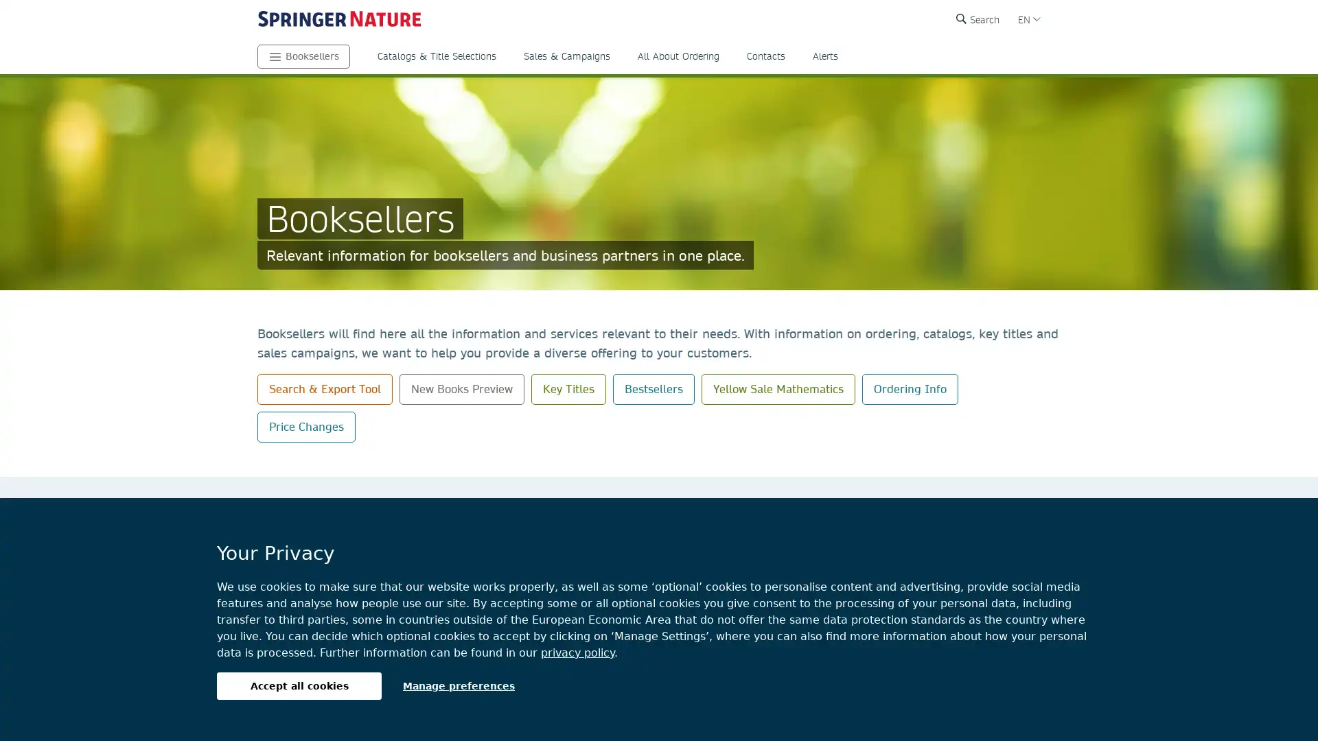 This screenshot has height=741, width=1318. What do you see at coordinates (459, 685) in the screenshot?
I see `Manage preferences` at bounding box center [459, 685].